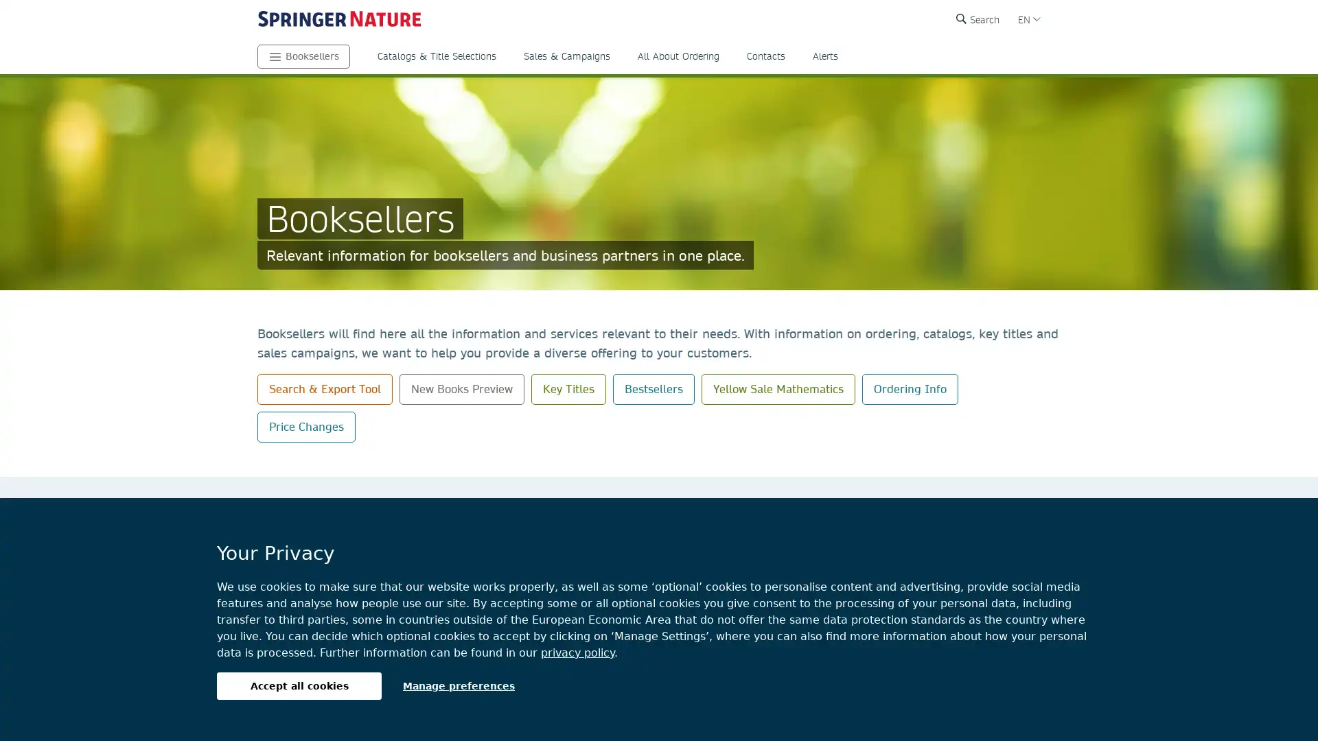 This screenshot has height=741, width=1318. What do you see at coordinates (459, 685) in the screenshot?
I see `Manage preferences` at bounding box center [459, 685].